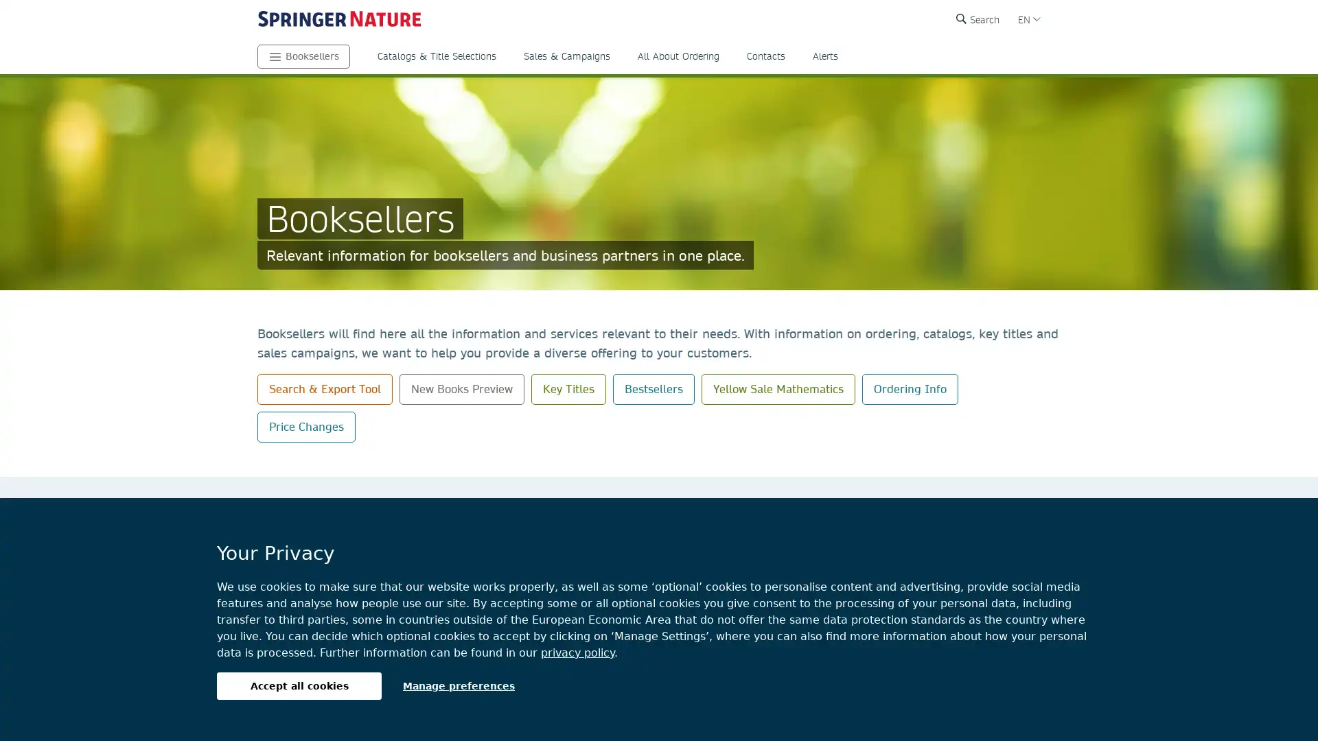 This screenshot has height=741, width=1318. What do you see at coordinates (459, 685) in the screenshot?
I see `Manage preferences` at bounding box center [459, 685].